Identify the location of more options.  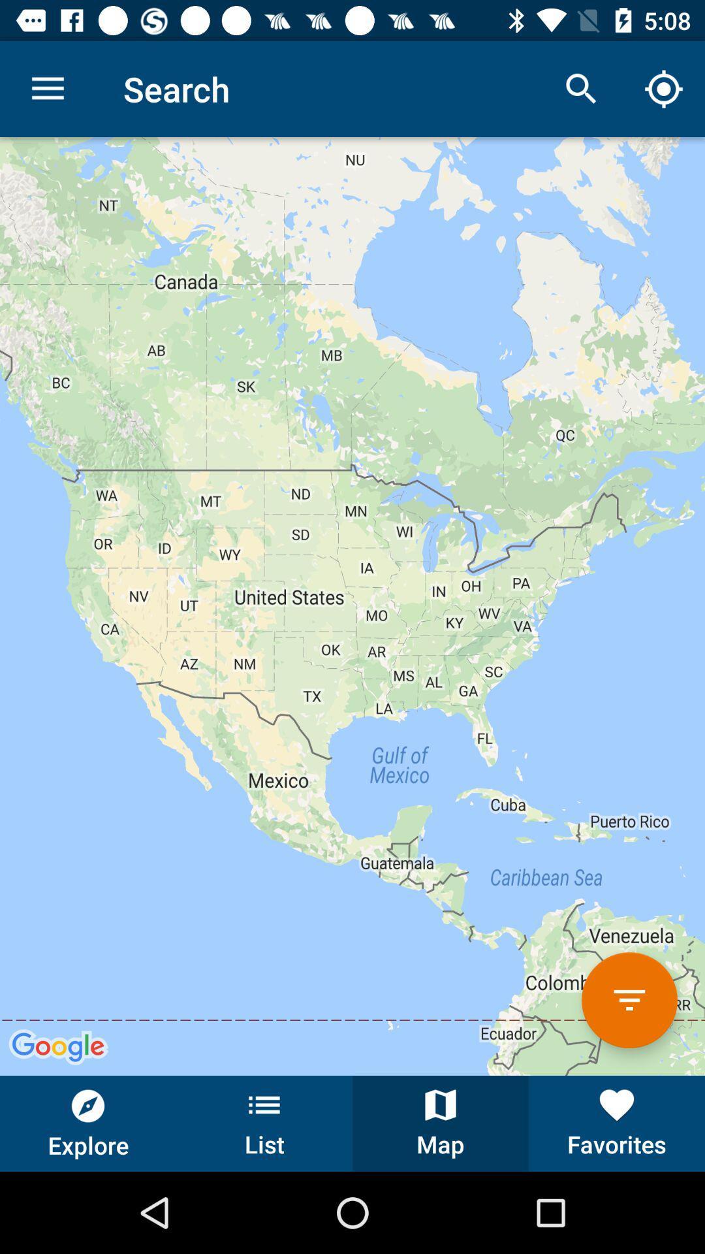
(629, 999).